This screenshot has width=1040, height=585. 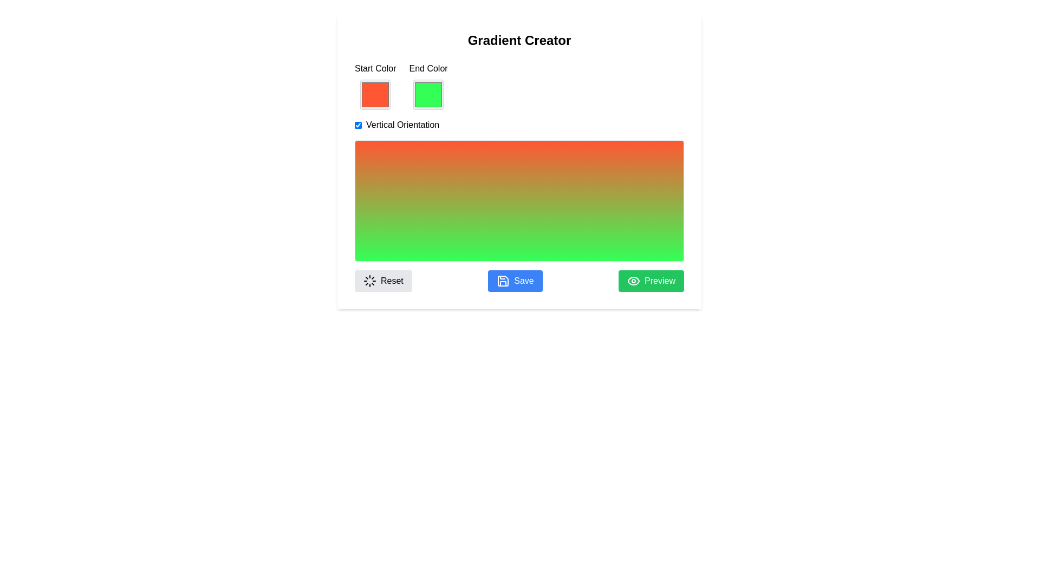 What do you see at coordinates (428, 69) in the screenshot?
I see `the 'End Color' text label, which is displayed in bold font and positioned above the end color box` at bounding box center [428, 69].